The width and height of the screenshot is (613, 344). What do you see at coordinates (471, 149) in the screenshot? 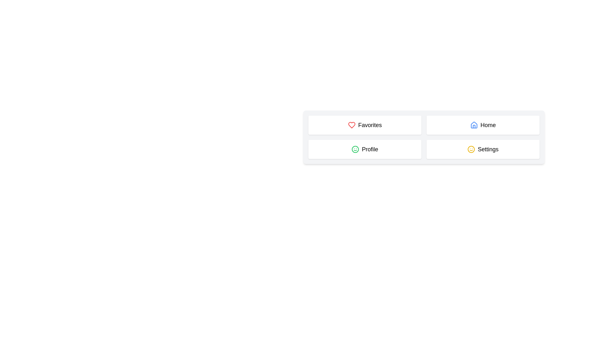
I see `the yellow smiley face icon located within the 'Settings' card in the bottom-right corner of the grid layout` at bounding box center [471, 149].